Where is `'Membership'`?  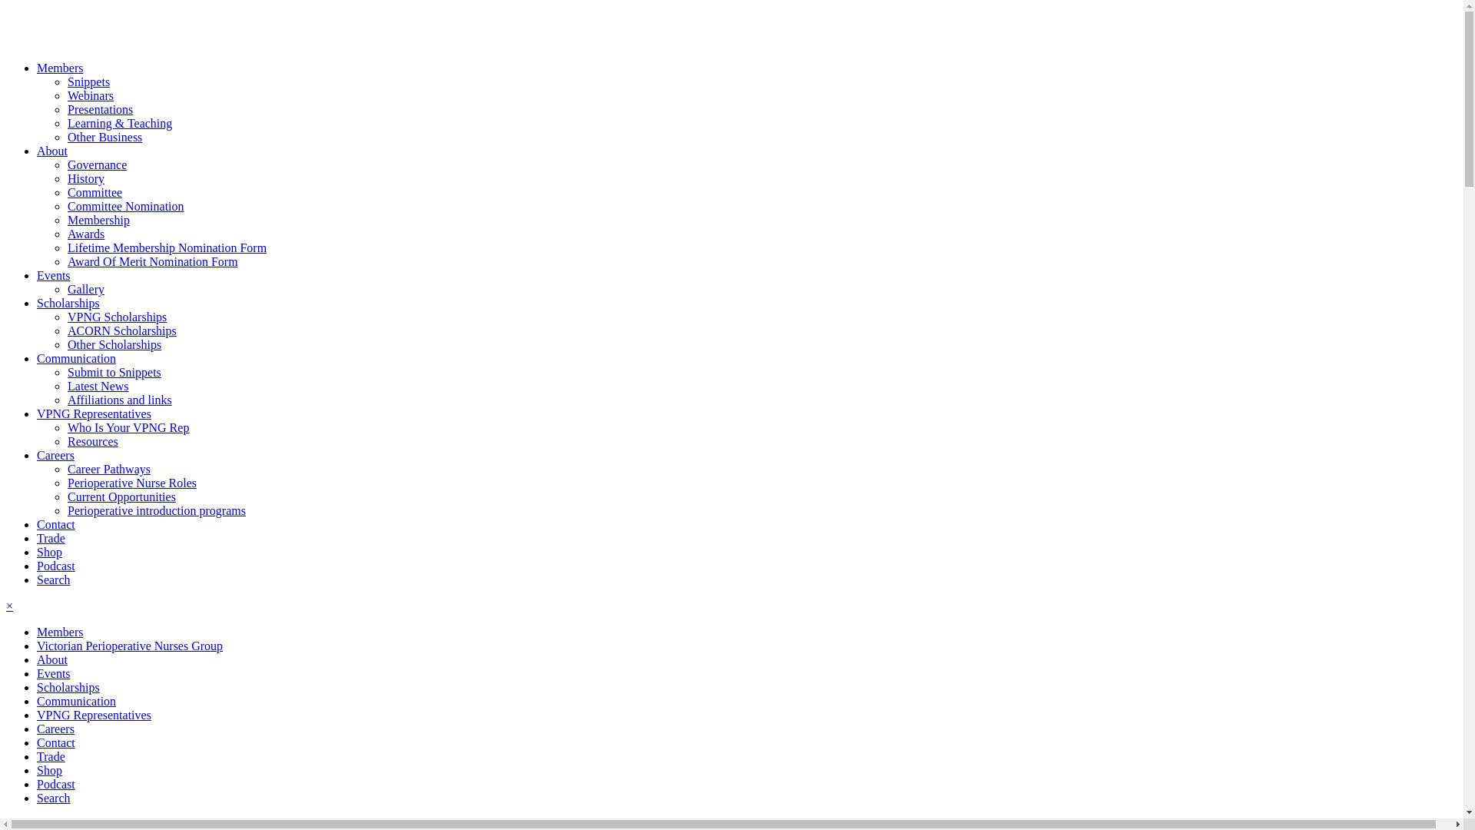 'Membership' is located at coordinates (98, 220).